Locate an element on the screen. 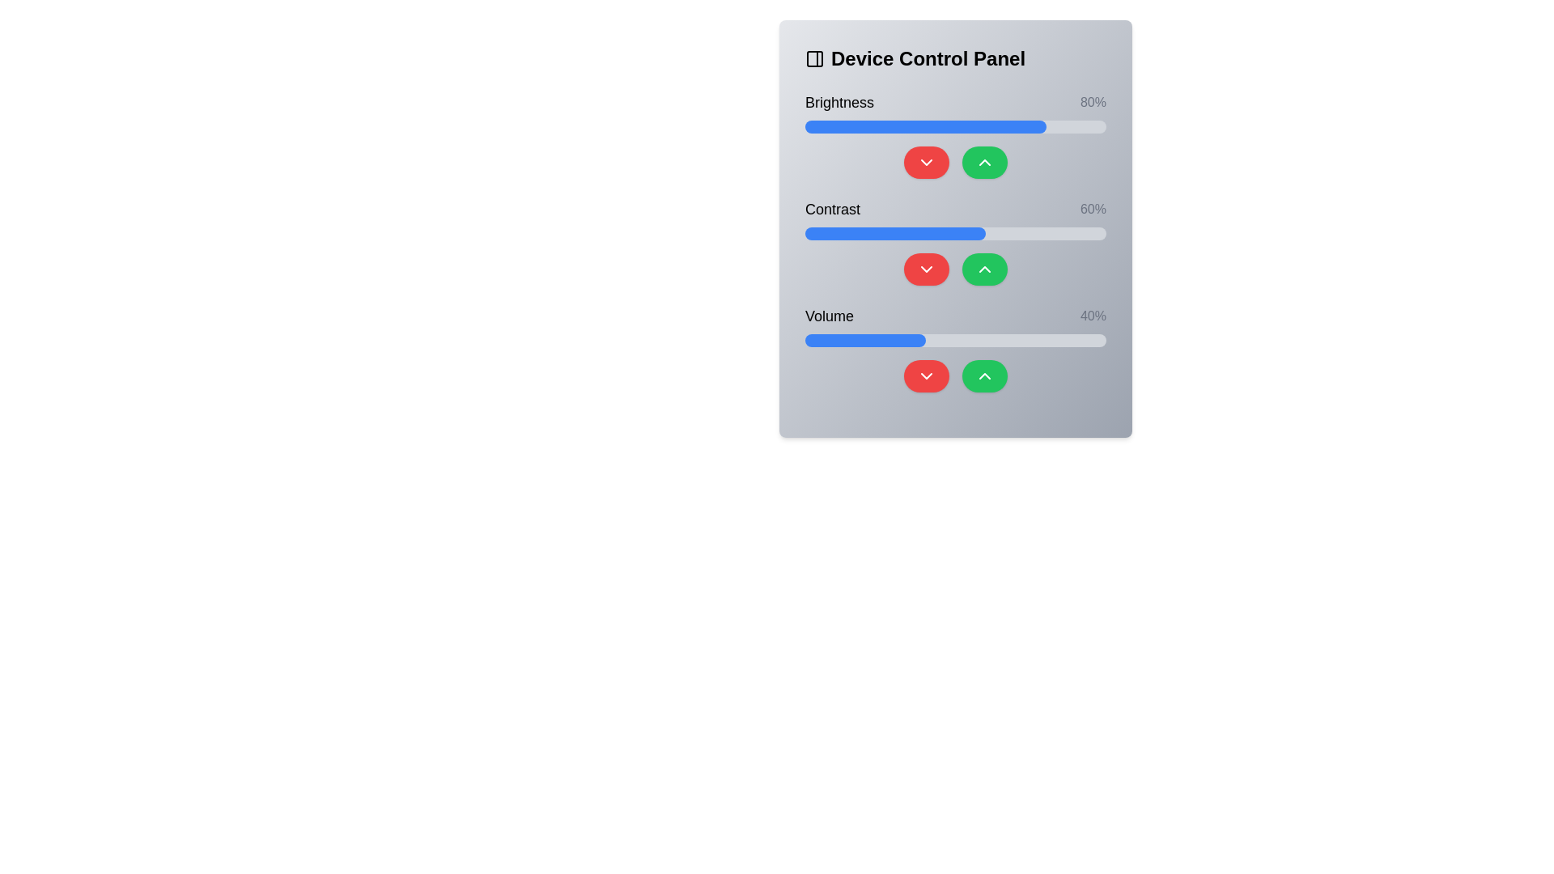 The height and width of the screenshot is (874, 1554). the progress bar indicating the current value for the 'Brightness' setting located directly under the 'Brightness' label in the 'Device Control Panel' is located at coordinates (955, 126).